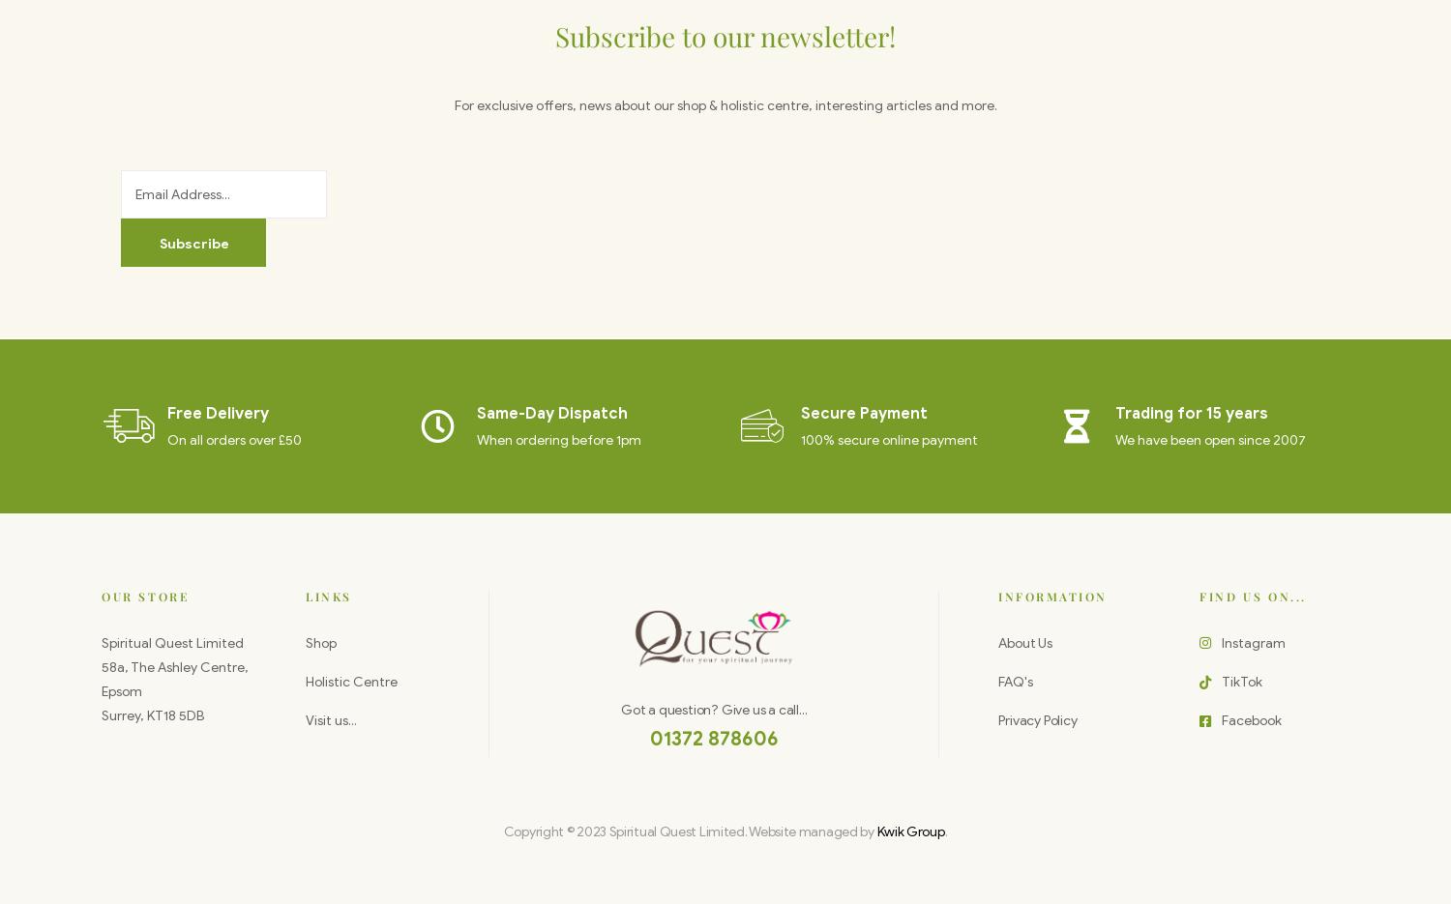 The image size is (1451, 904). I want to click on 'Trading for 15 years', so click(1115, 412).